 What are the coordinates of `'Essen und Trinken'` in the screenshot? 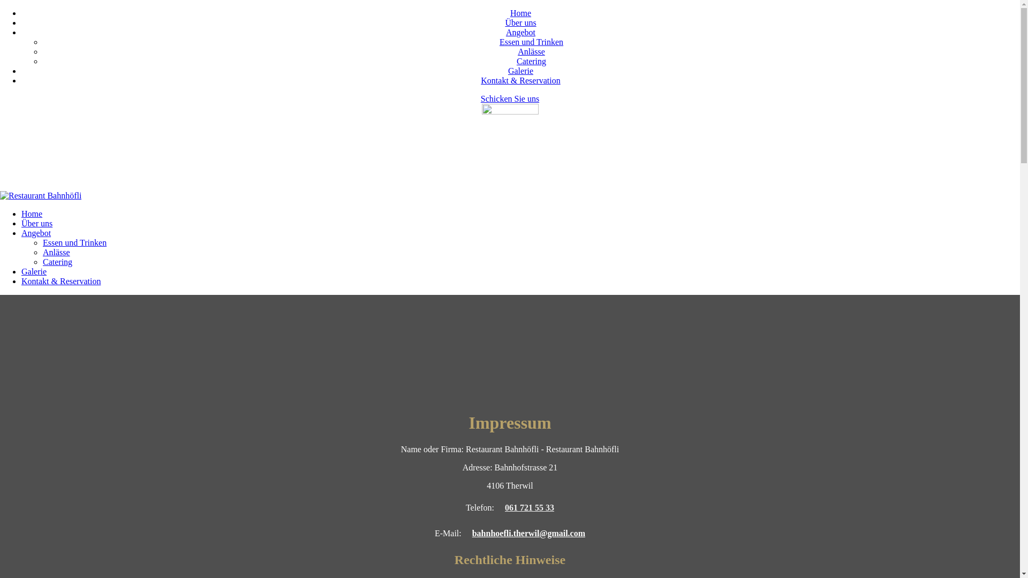 It's located at (74, 242).